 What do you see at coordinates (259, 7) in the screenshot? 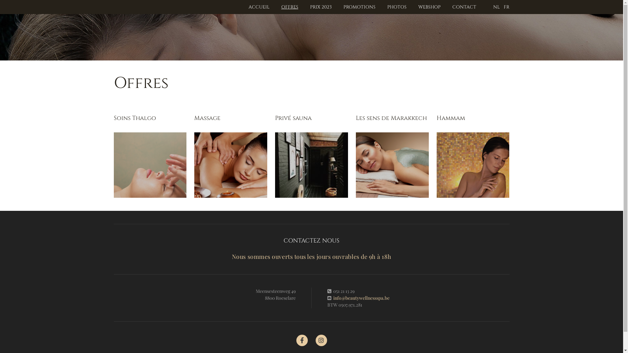
I see `'ACCUEIL'` at bounding box center [259, 7].